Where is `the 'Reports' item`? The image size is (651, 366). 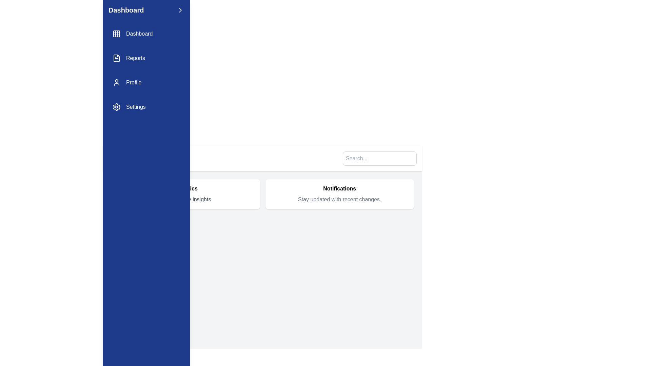
the 'Reports' item is located at coordinates (146, 70).